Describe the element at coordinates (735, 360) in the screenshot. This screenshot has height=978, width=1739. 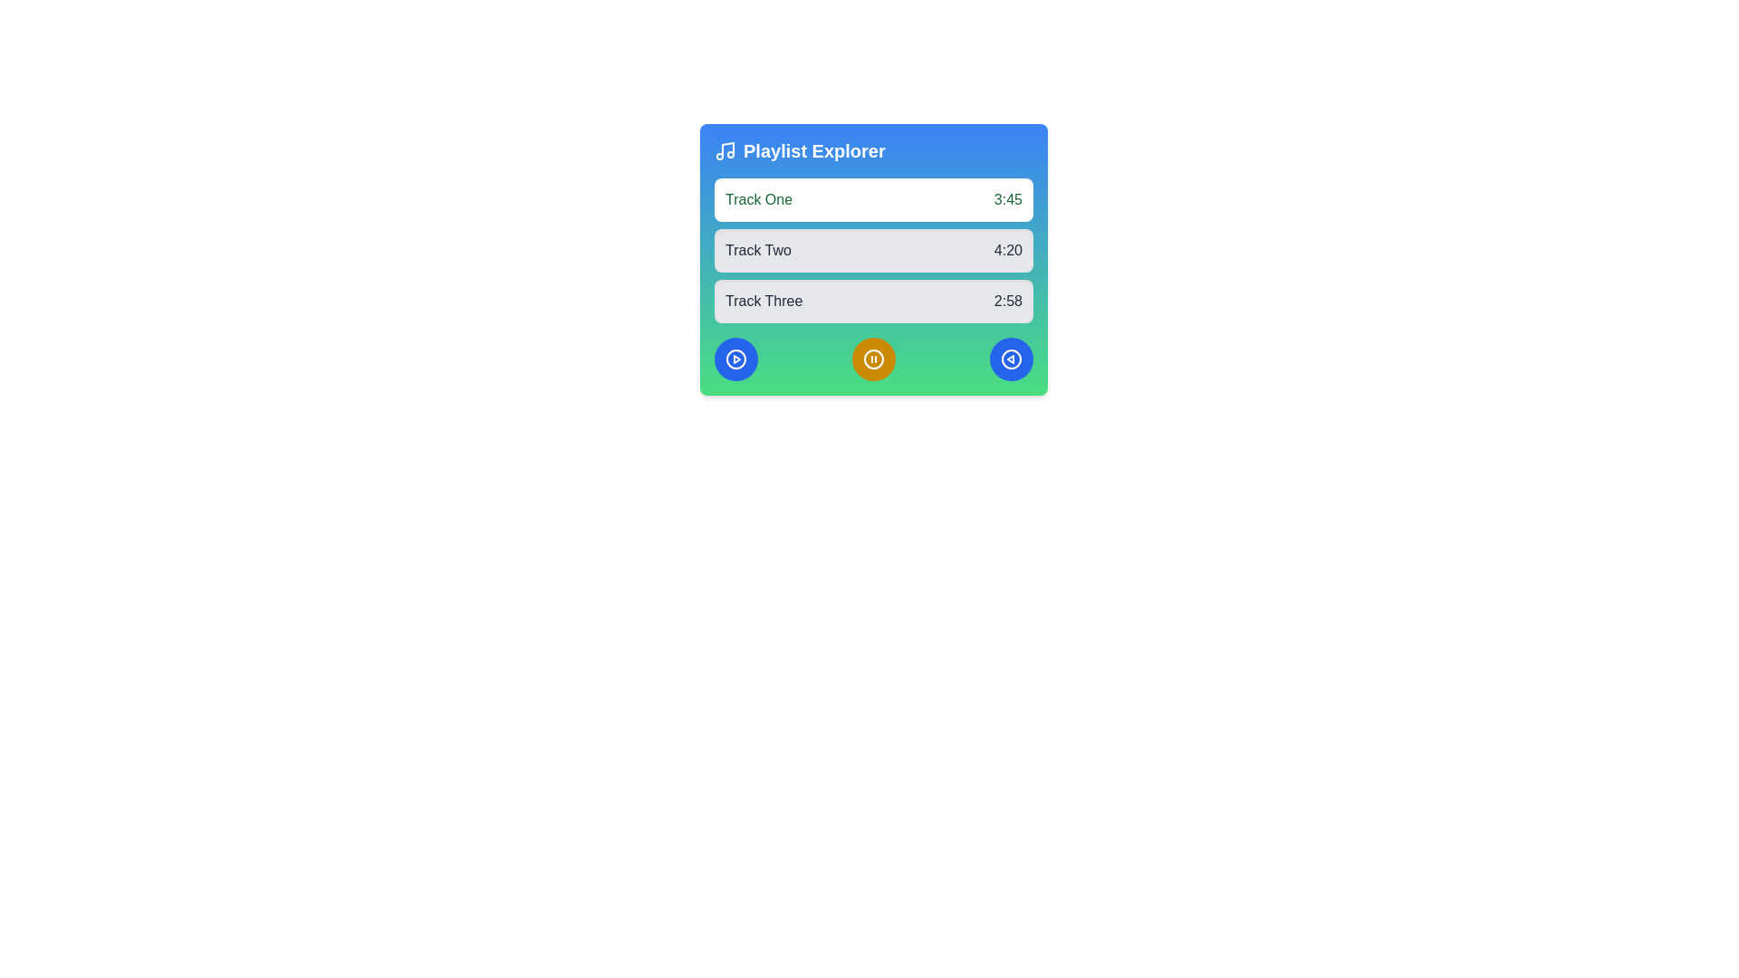
I see `the blue circular play button located at the bottom-left position among three circular icons` at that location.